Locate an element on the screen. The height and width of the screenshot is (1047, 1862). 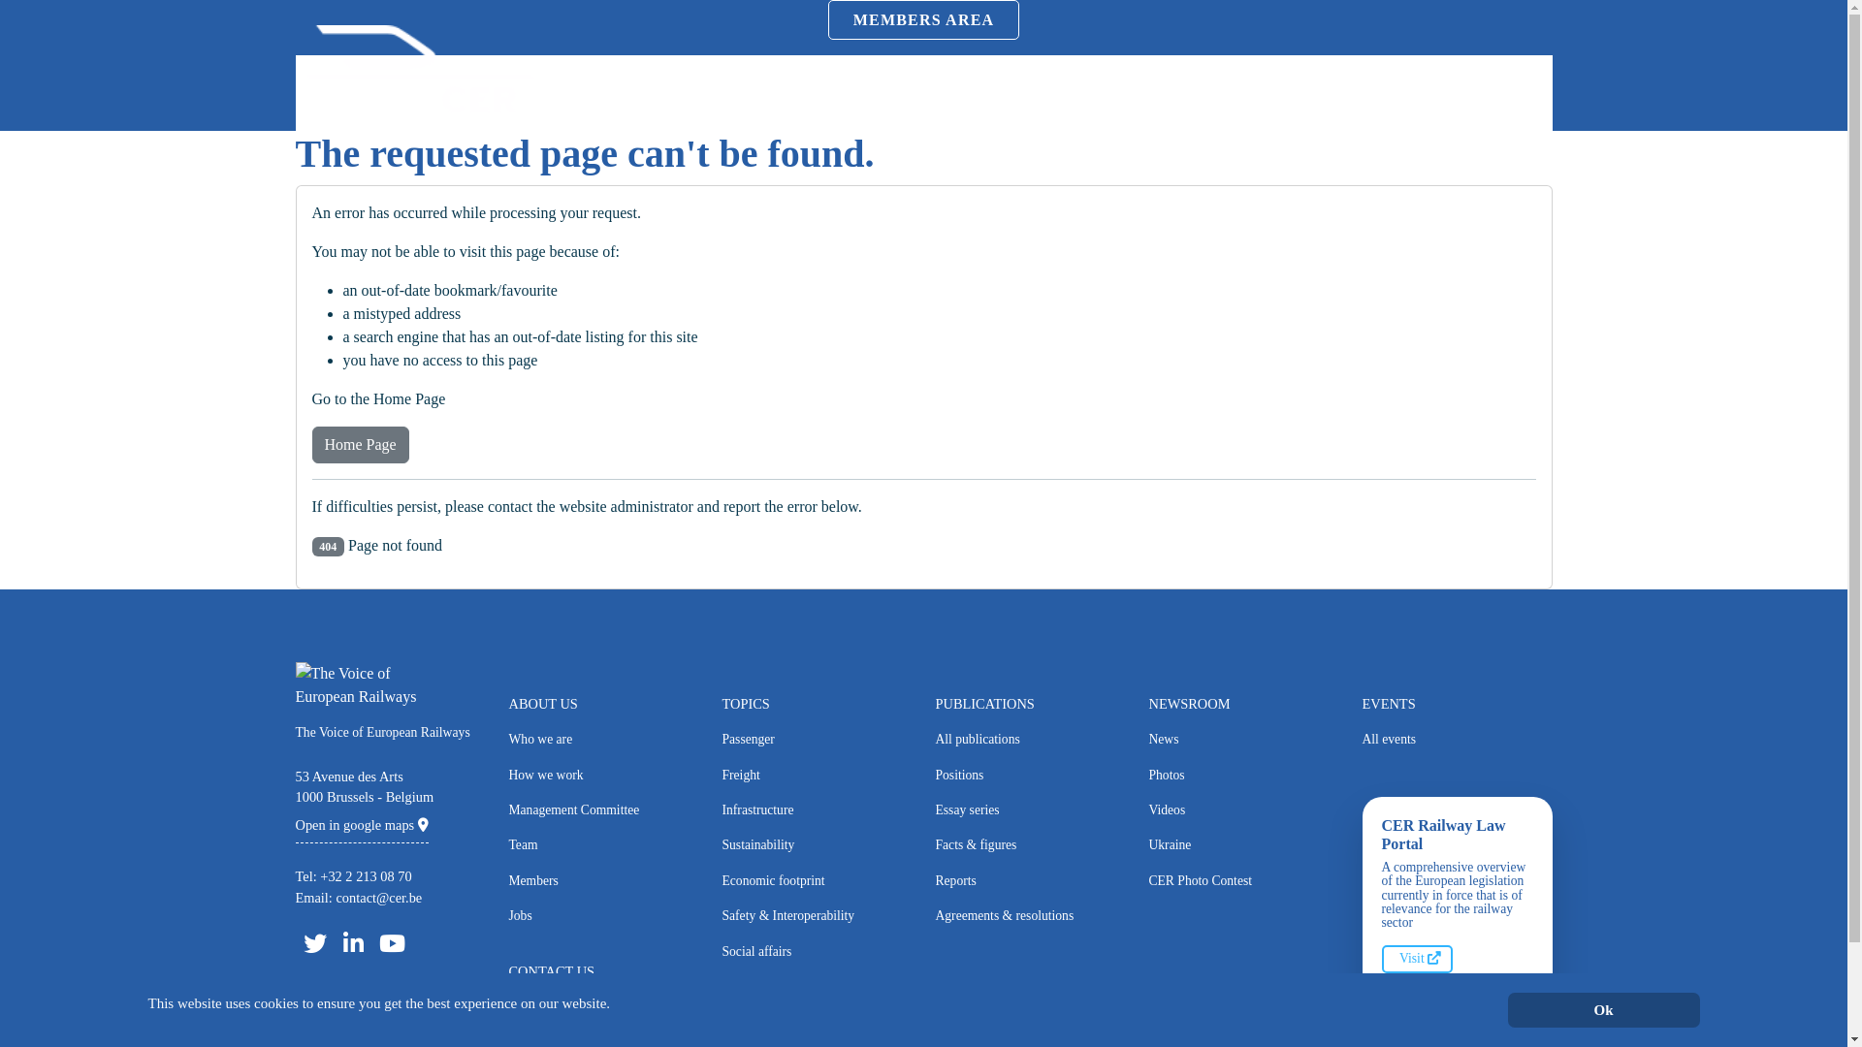
'Management Committee' is located at coordinates (602, 810).